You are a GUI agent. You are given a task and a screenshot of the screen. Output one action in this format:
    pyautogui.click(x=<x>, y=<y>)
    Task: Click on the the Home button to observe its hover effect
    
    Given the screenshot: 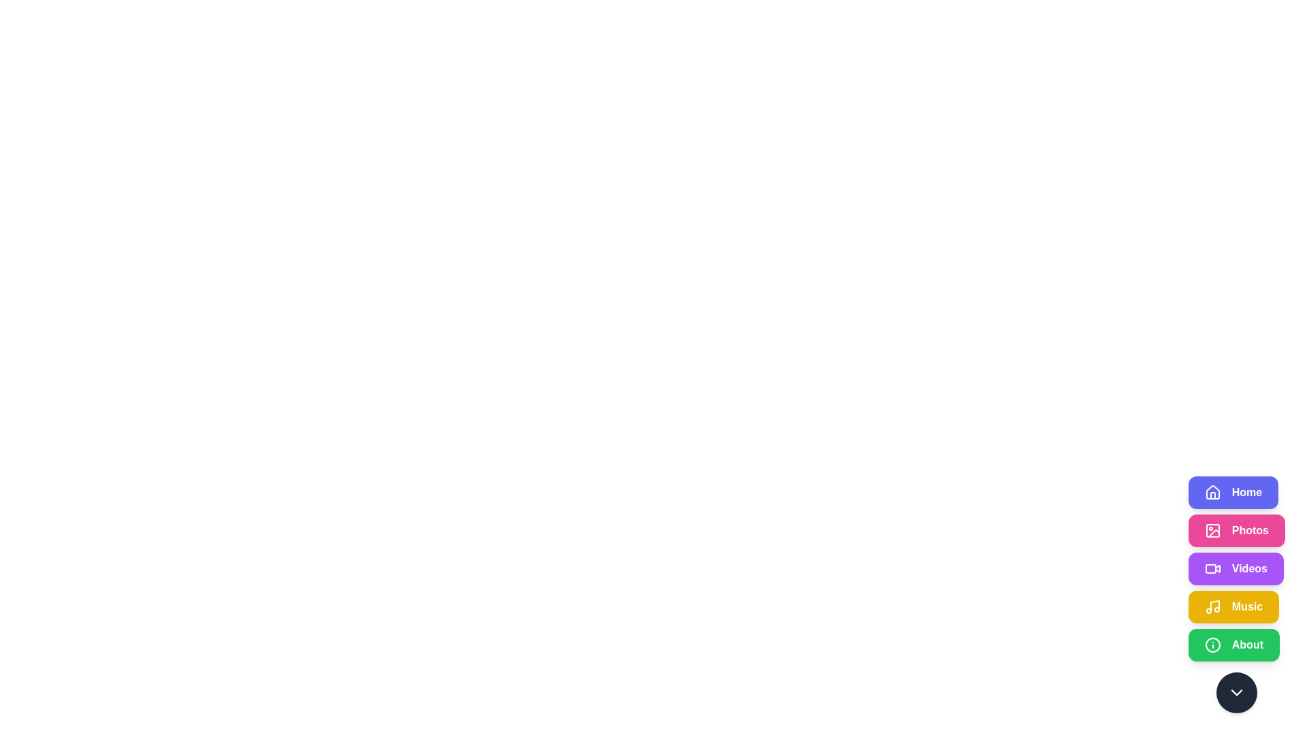 What is the action you would take?
    pyautogui.click(x=1233, y=493)
    